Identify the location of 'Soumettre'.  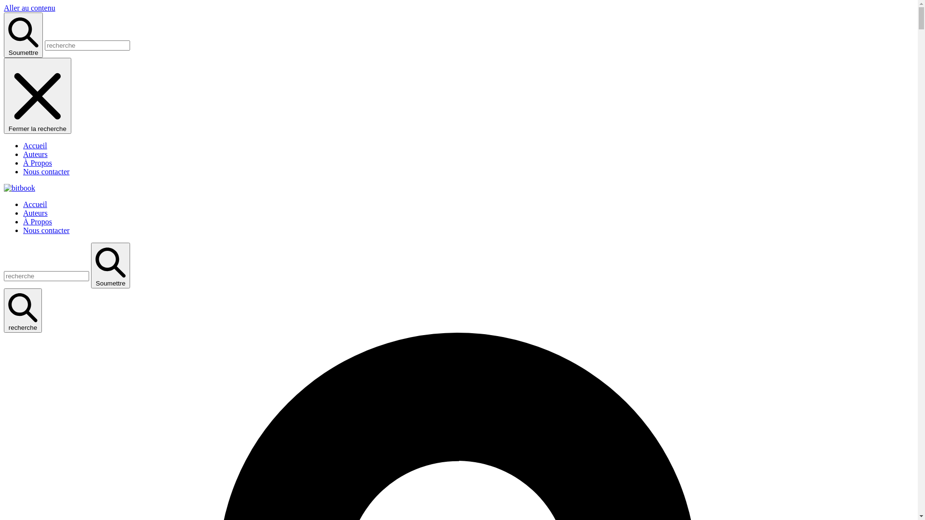
(23, 35).